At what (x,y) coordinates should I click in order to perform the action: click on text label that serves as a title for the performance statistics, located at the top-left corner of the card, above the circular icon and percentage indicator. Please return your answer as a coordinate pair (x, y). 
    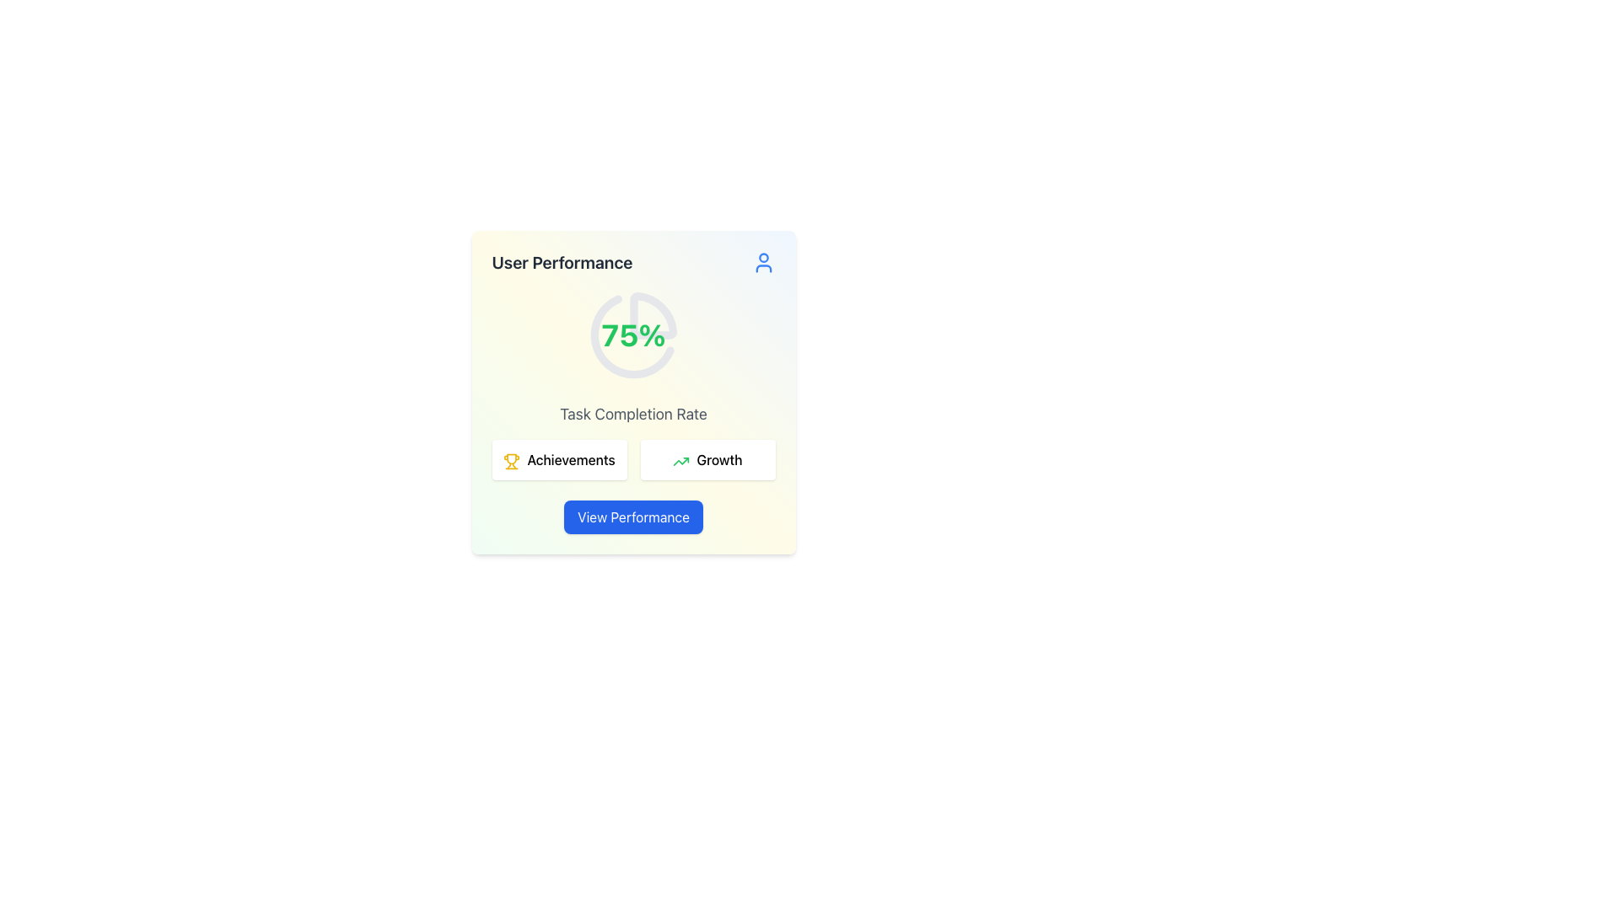
    Looking at the image, I should click on (562, 263).